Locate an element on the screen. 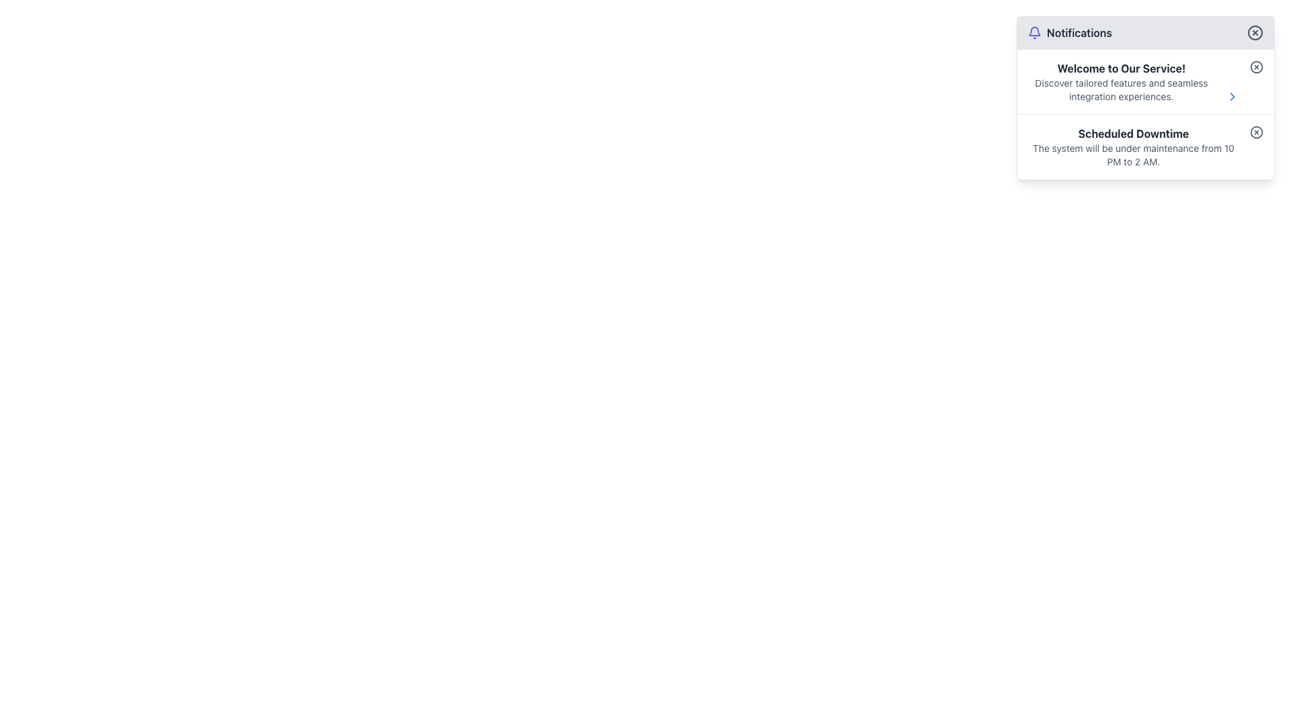 Image resolution: width=1291 pixels, height=726 pixels. text label displaying 'Notifications' in bold dark gray font located near the top of the notification panel, to the right of the bell icon is located at coordinates (1079, 32).